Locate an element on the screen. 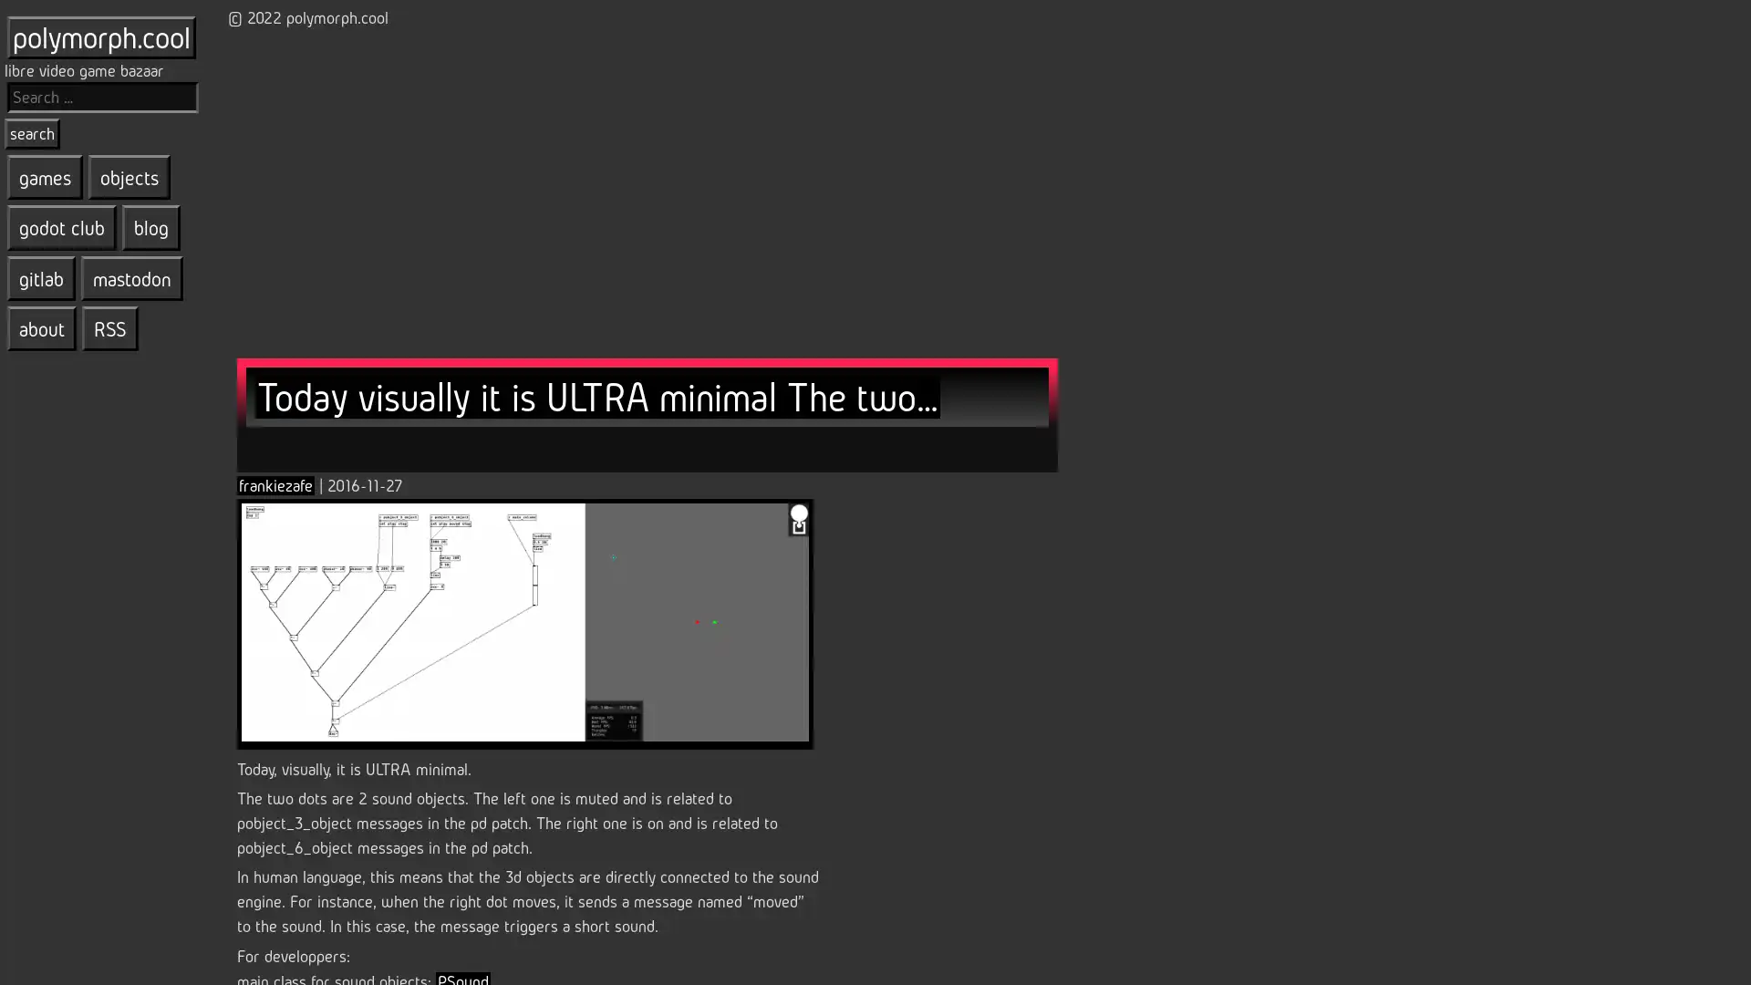  Search is located at coordinates (32, 132).